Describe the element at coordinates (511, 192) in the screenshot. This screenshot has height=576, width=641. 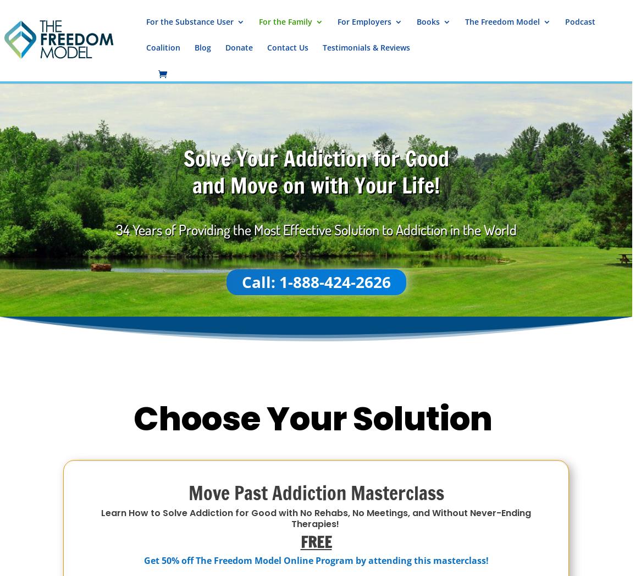
I see `'Success Rate'` at that location.